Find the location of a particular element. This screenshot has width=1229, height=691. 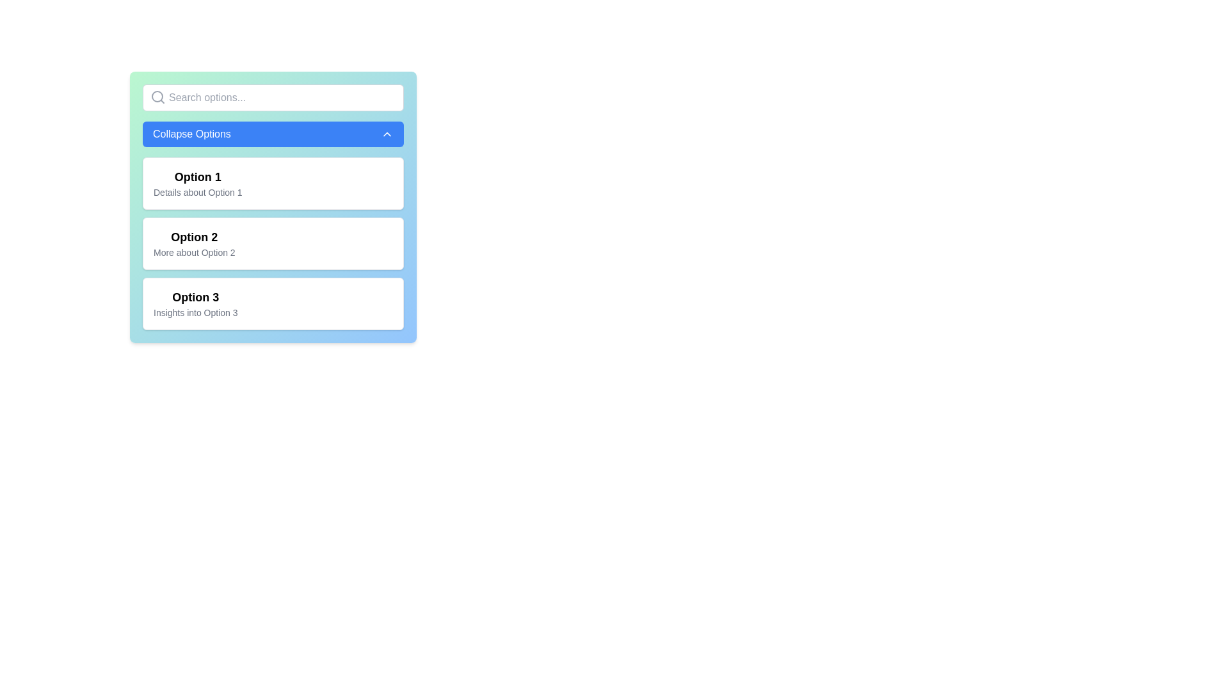

the icon on the 'Collapse Options' button is located at coordinates (386, 134).